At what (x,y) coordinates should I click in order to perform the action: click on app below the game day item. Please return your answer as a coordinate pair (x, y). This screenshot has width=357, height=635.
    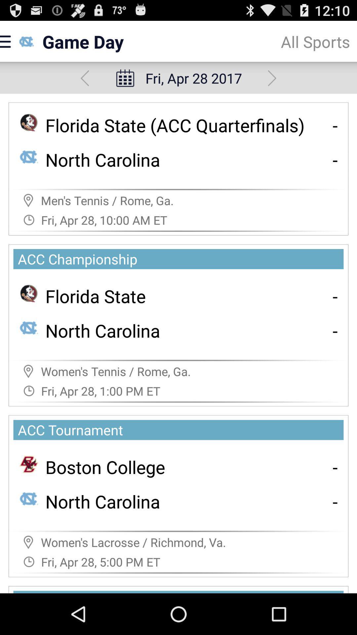
    Looking at the image, I should click on (84, 78).